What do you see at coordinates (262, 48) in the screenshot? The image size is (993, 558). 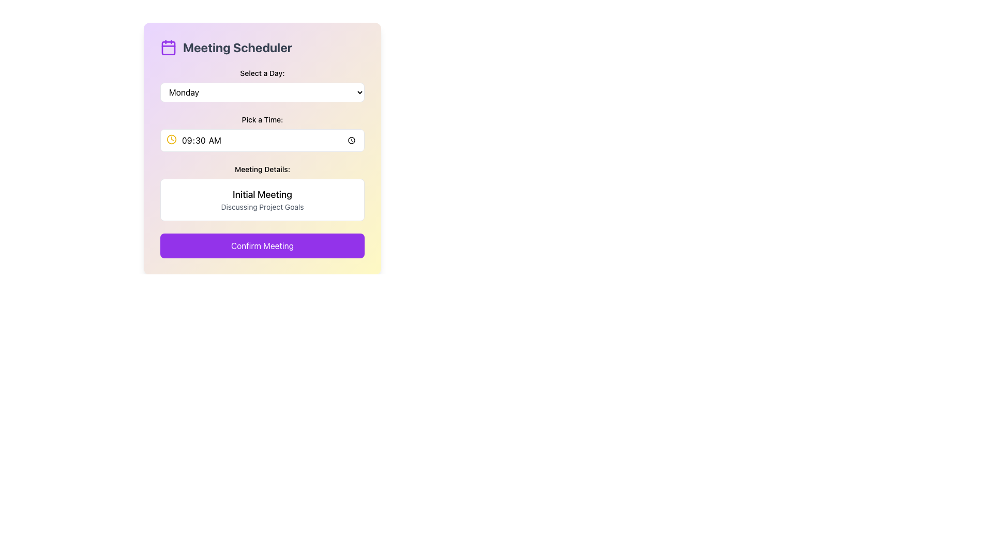 I see `the 'Meeting Scheduler' static text element, which is styled in bold, dark-gray font and located at the top of the form-like layout, adjacent to a purple outlined calendar icon` at bounding box center [262, 48].